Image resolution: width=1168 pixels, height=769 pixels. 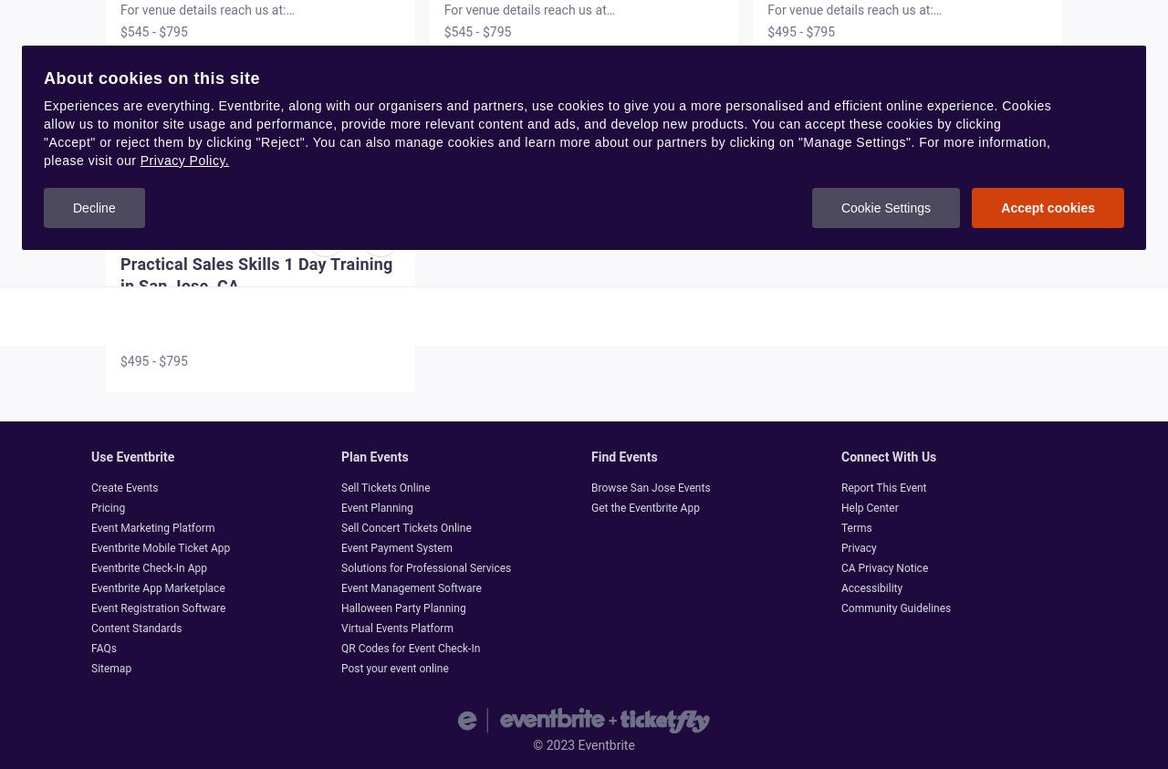 What do you see at coordinates (73, 208) in the screenshot?
I see `'Decline'` at bounding box center [73, 208].